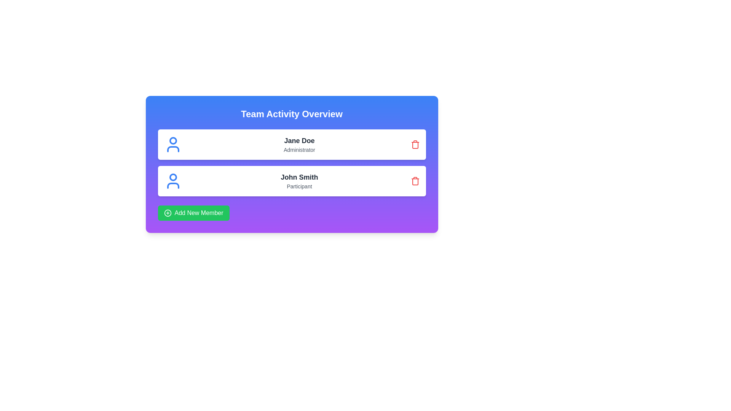  Describe the element at coordinates (299, 177) in the screenshot. I see `the text label that serves as the name label of a participant in the team activity overview interface, located in the center-right portion of the card, directly above the text 'Participant'` at that location.